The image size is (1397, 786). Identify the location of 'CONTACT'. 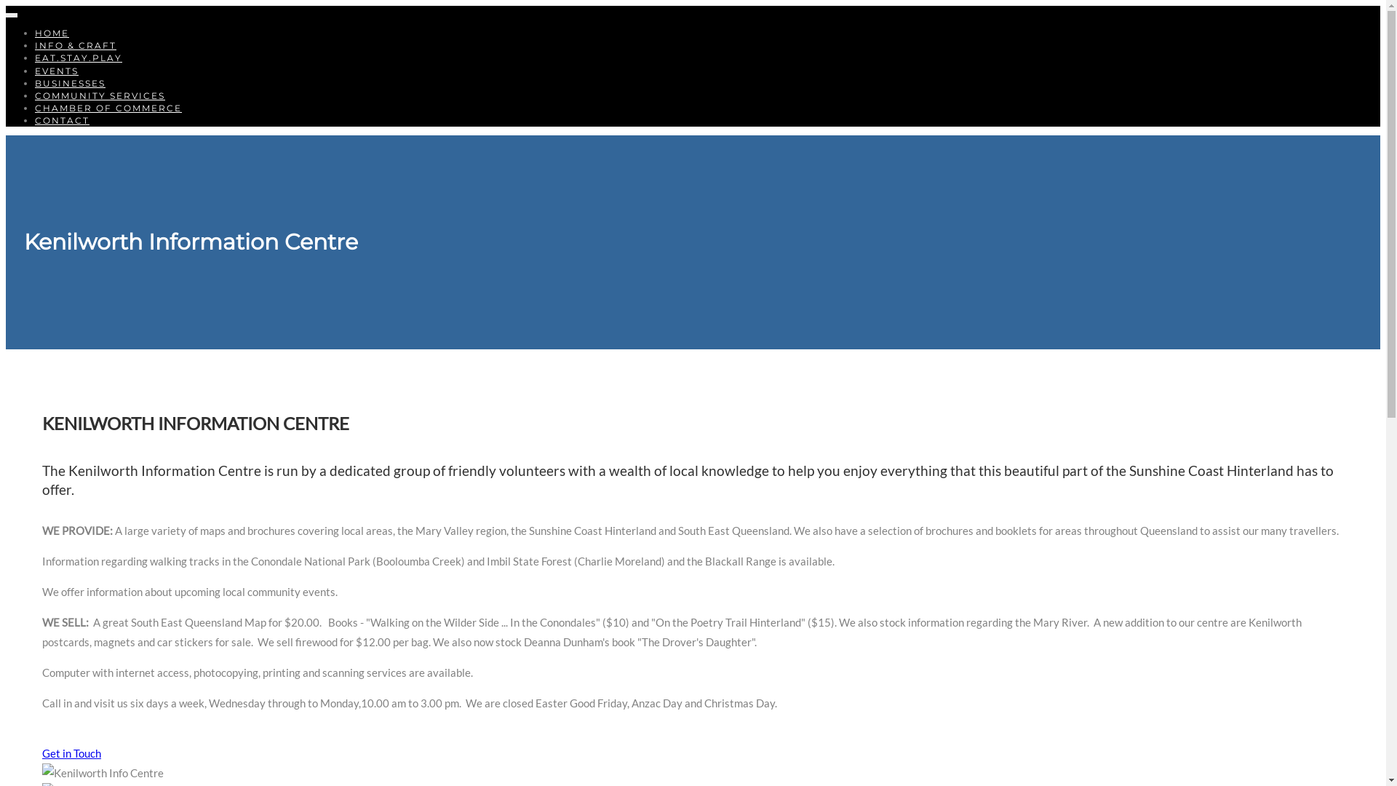
(61, 119).